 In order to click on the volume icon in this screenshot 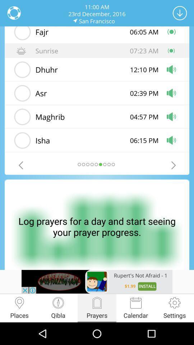, I will do `click(171, 140)`.